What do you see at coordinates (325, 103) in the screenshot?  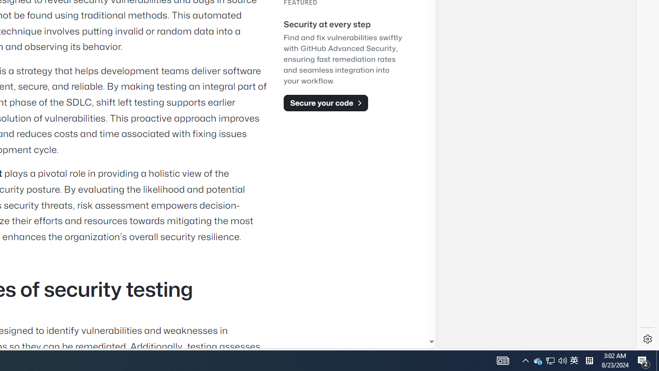 I see `'Secure your code'` at bounding box center [325, 103].